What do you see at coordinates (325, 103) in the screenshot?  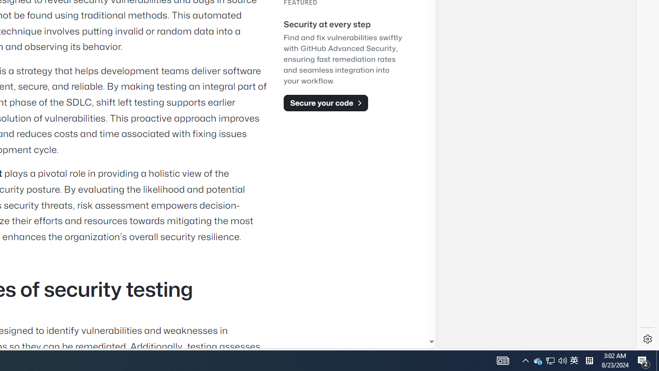 I see `'Secure your code'` at bounding box center [325, 103].